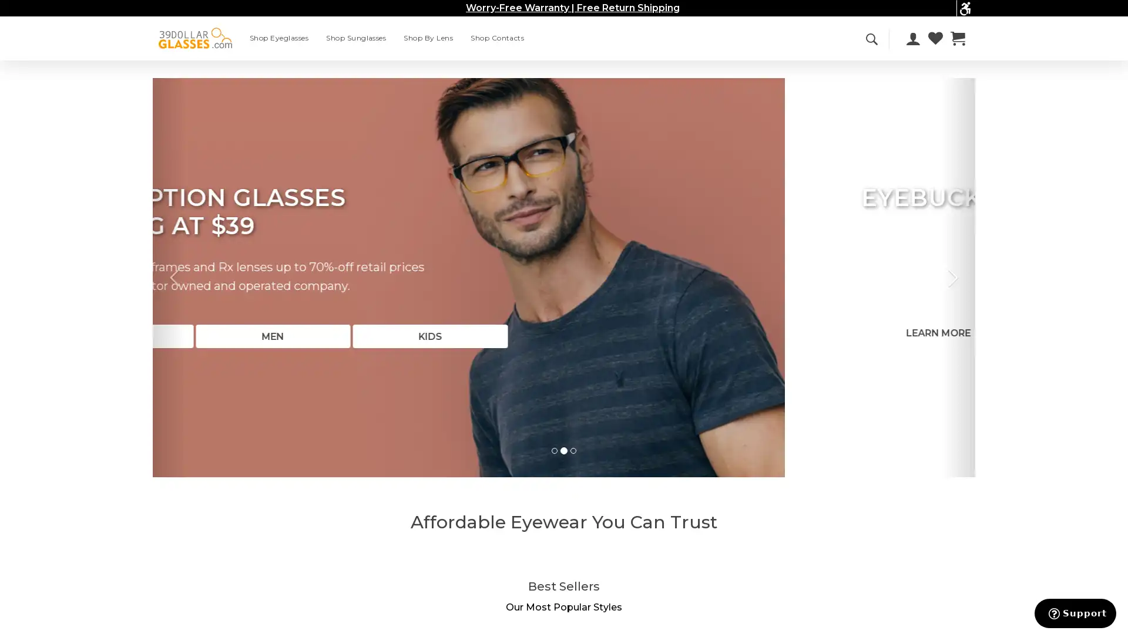 The image size is (1128, 634). What do you see at coordinates (1075, 613) in the screenshot?
I see `Support button` at bounding box center [1075, 613].